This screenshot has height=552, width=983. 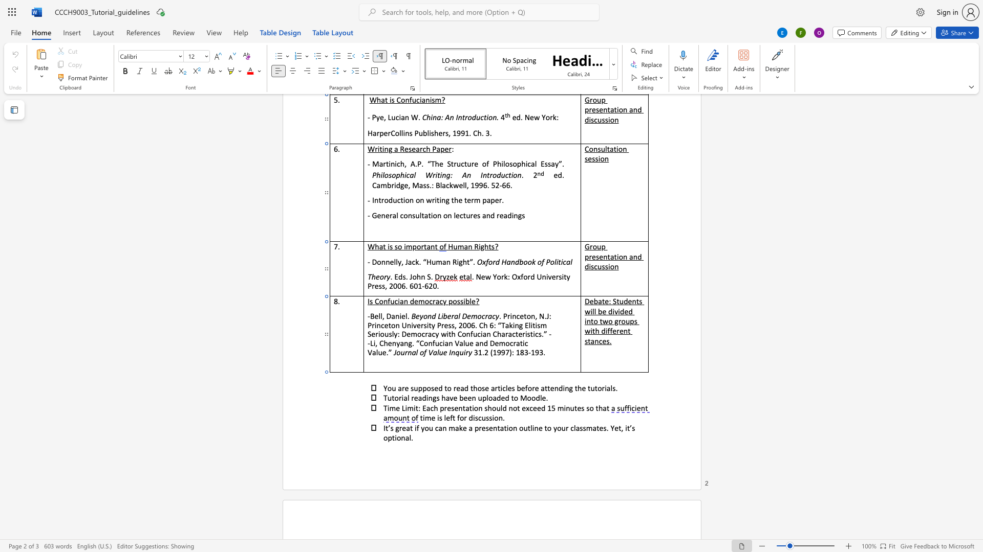 I want to click on the space between the continuous character "o" and "u" in the text, so click(x=496, y=407).